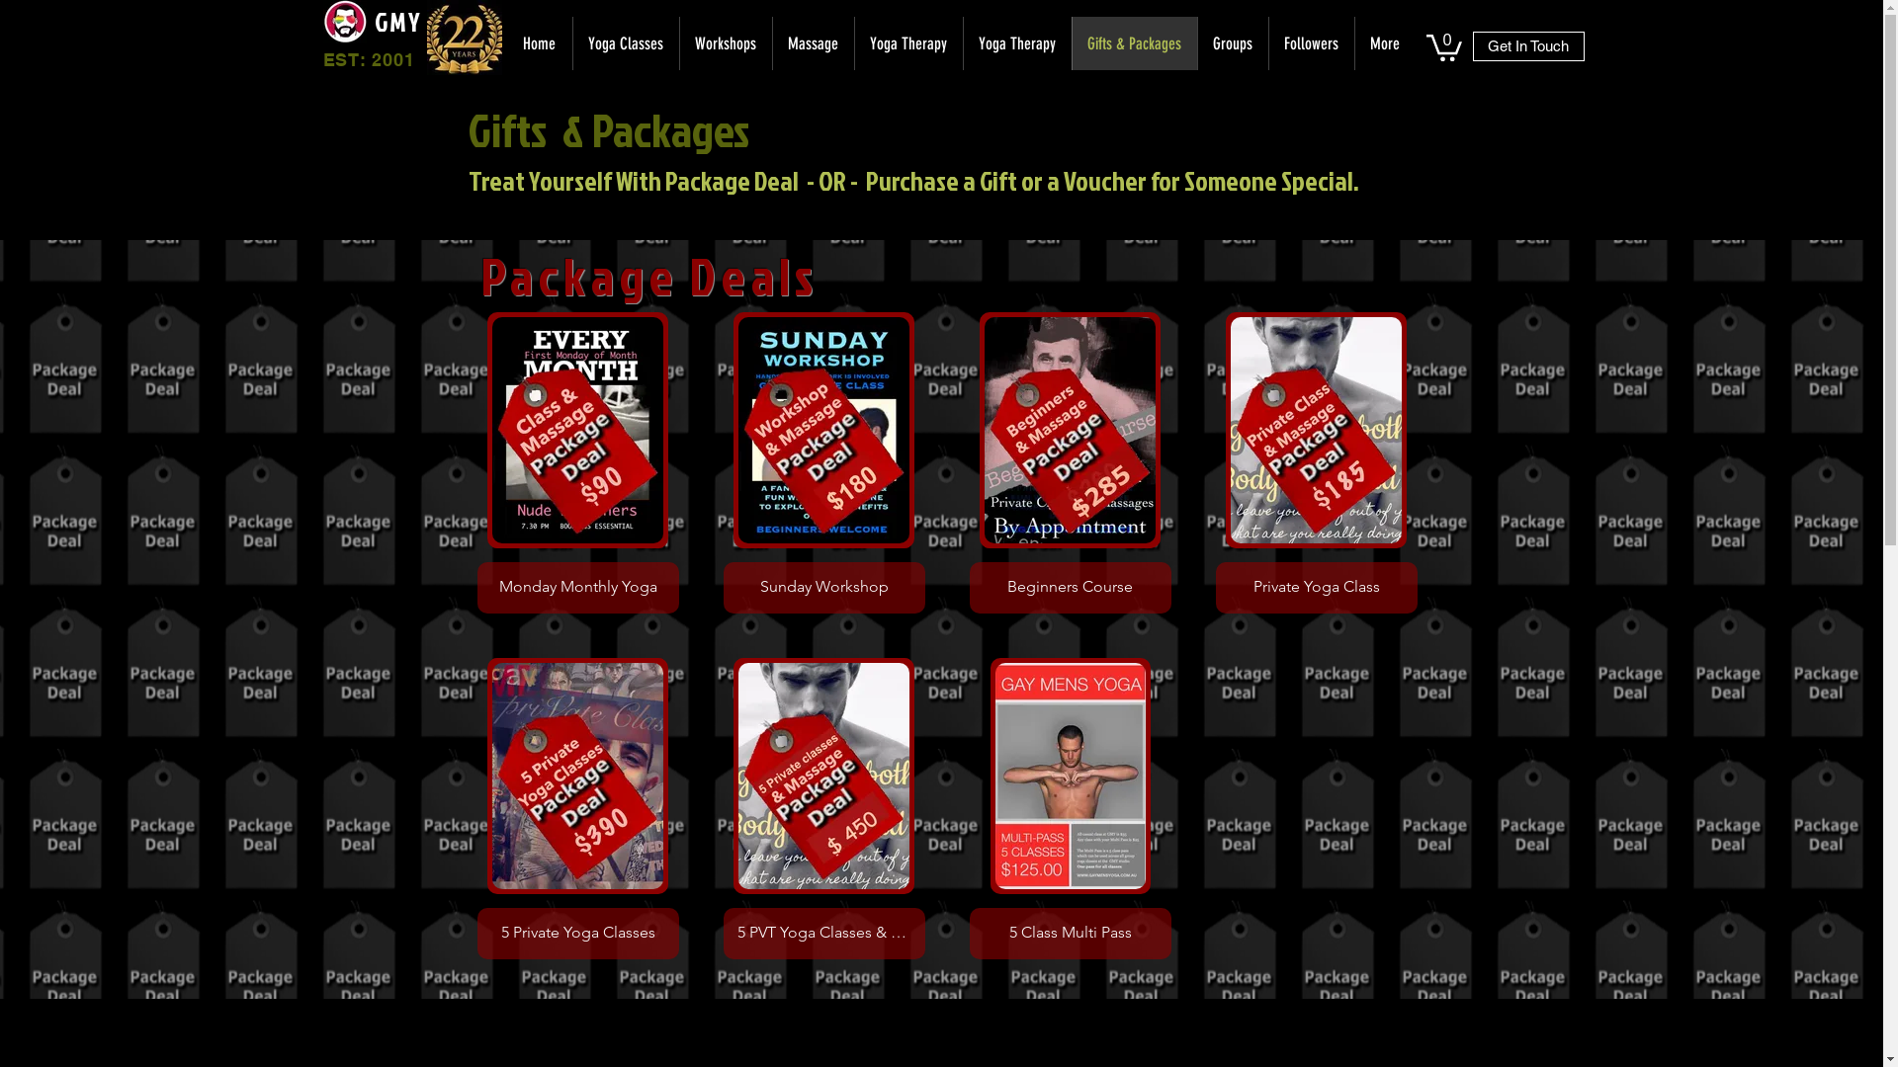 The image size is (1898, 1067). Describe the element at coordinates (1231, 42) in the screenshot. I see `'Groups'` at that location.